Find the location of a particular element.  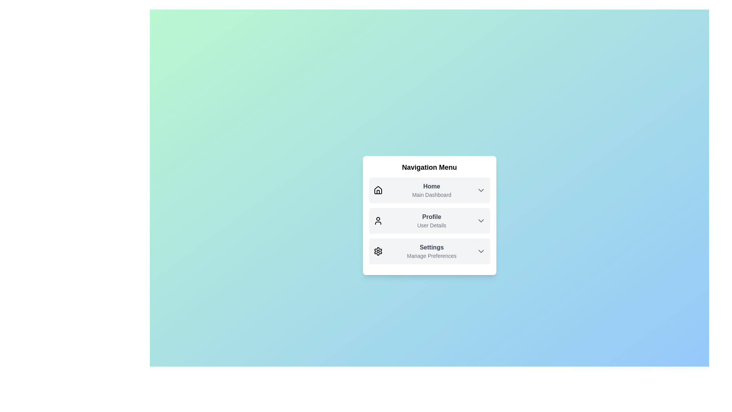

the menu item Settings to navigate is located at coordinates (429, 251).